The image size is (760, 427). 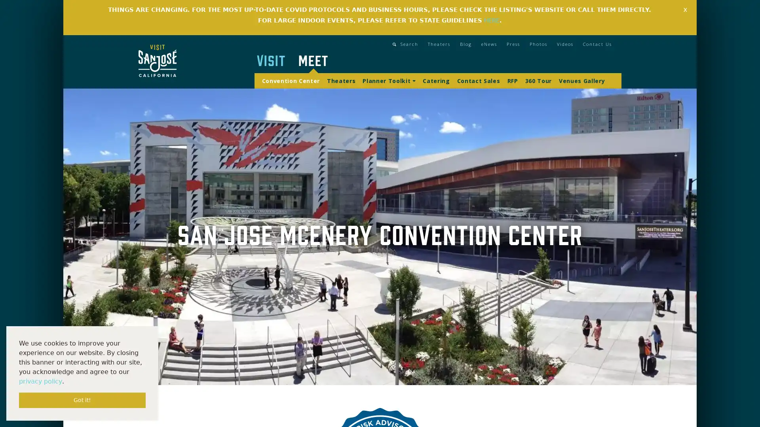 What do you see at coordinates (82, 400) in the screenshot?
I see `dismiss cookie message` at bounding box center [82, 400].